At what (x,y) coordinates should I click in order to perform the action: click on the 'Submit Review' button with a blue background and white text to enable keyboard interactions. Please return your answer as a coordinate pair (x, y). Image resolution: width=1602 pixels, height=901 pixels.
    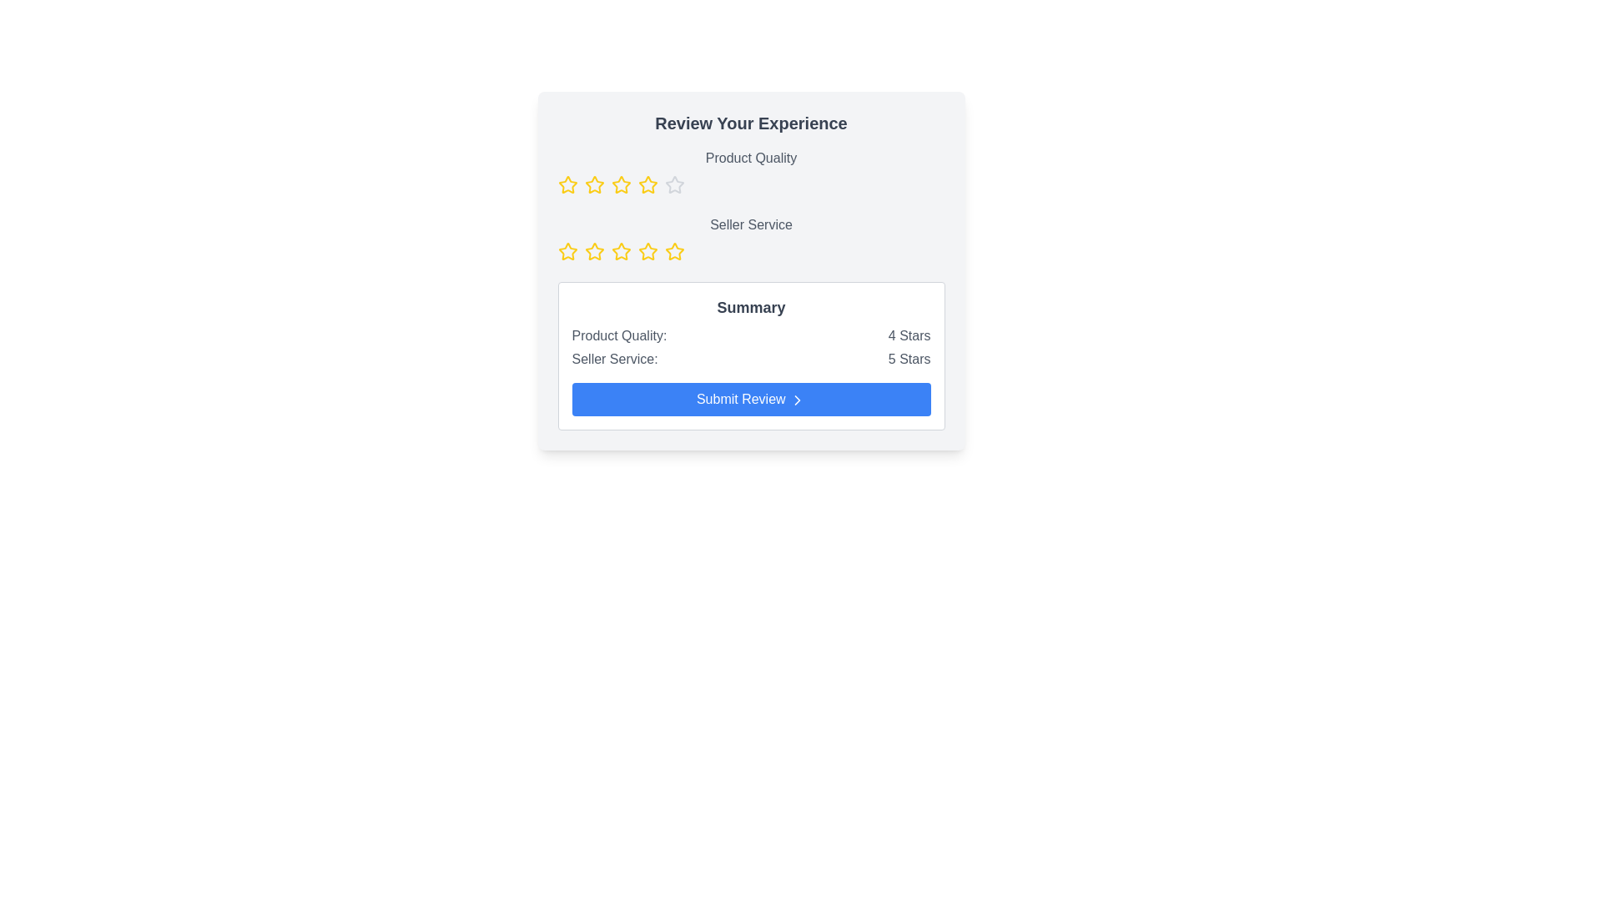
    Looking at the image, I should click on (750, 399).